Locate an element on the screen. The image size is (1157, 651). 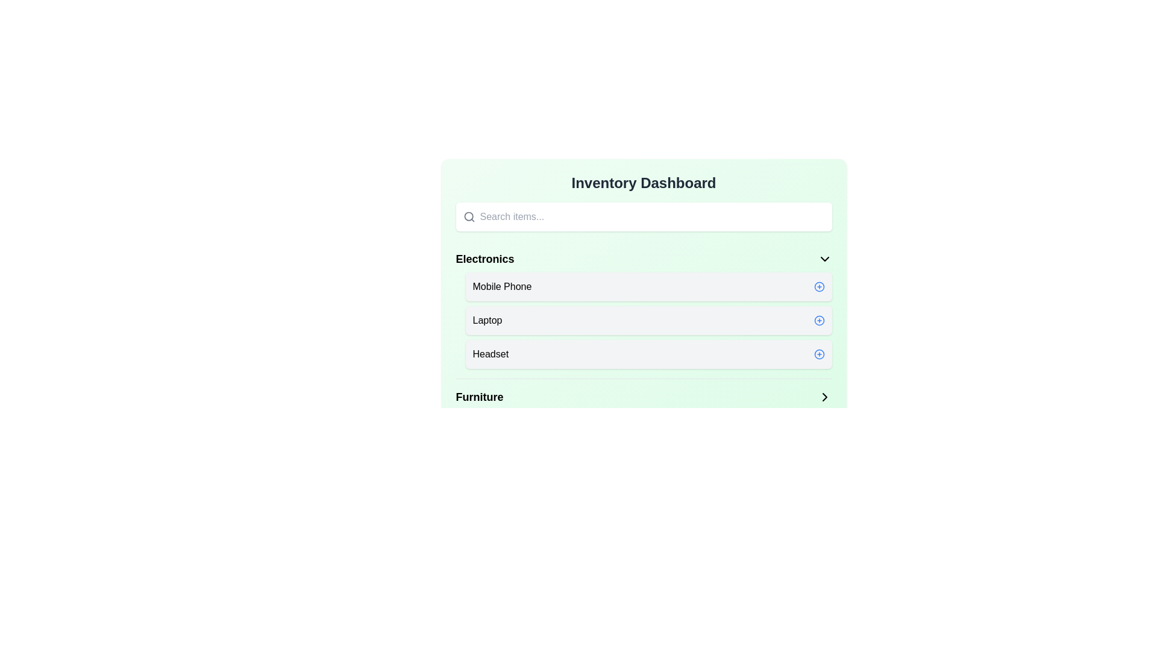
the 'Chevron' icon next to 'Furniture' to expand it is located at coordinates (824, 397).